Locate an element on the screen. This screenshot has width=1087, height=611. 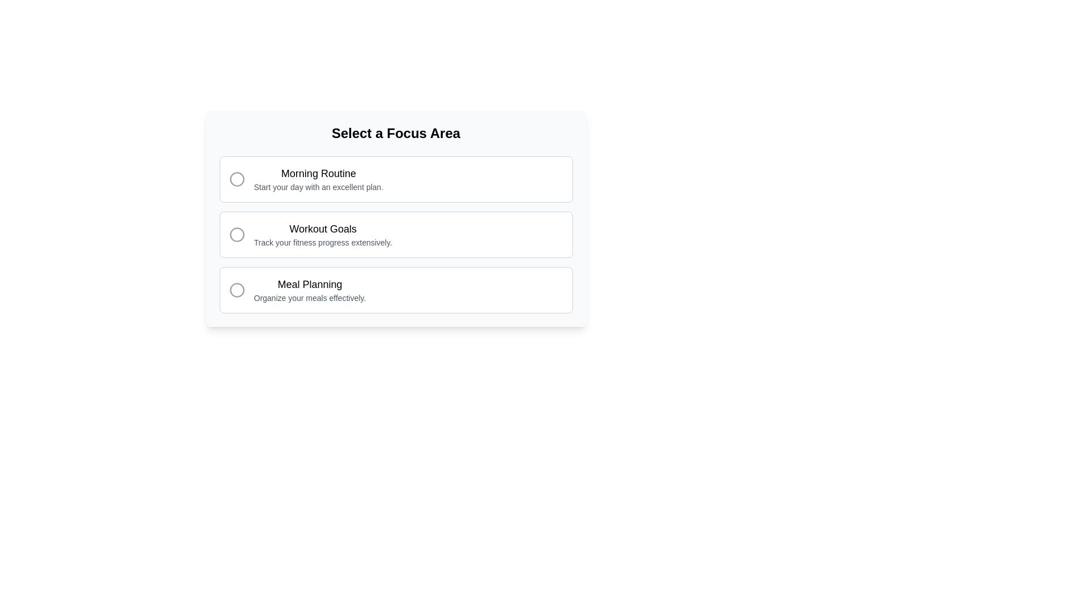
text block titled 'Workout Goals' which is the second option under 'Select a Focus Area' is located at coordinates (322, 234).